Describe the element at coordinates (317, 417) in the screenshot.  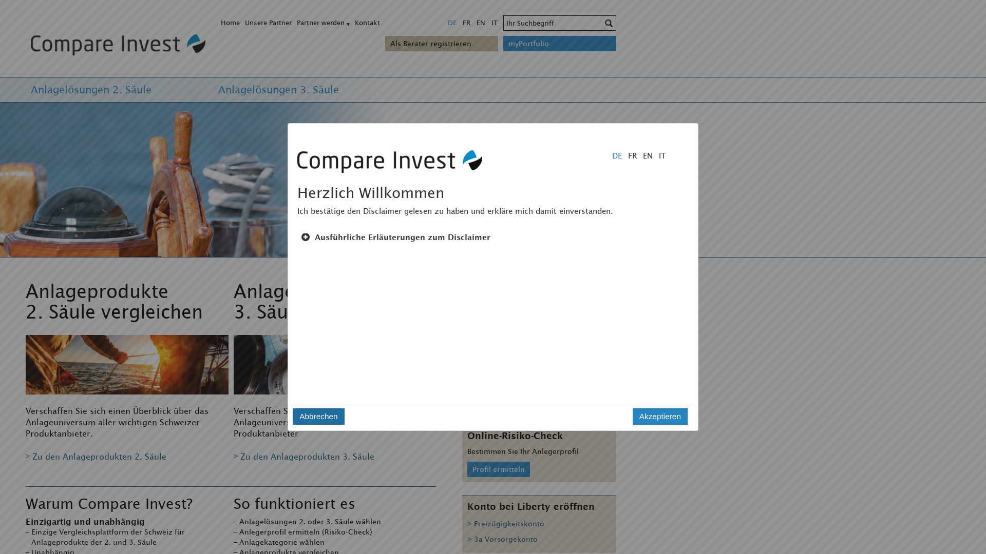
I see `'Abbrechen'` at that location.